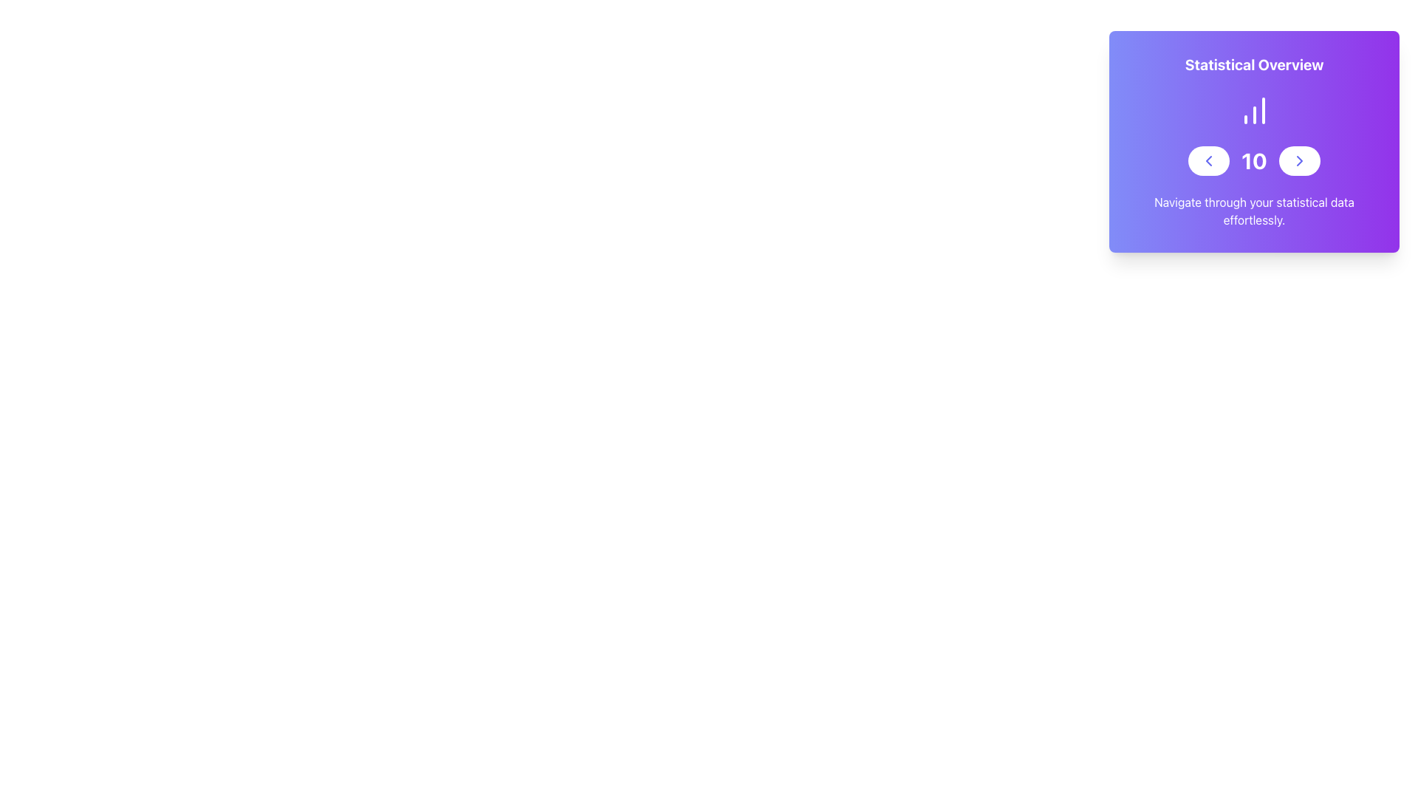 The image size is (1418, 798). Describe the element at coordinates (1208, 161) in the screenshot. I see `the navigation button SVG Icon located on the left side of the two buttons within the 'Statistical Overview' panel` at that location.